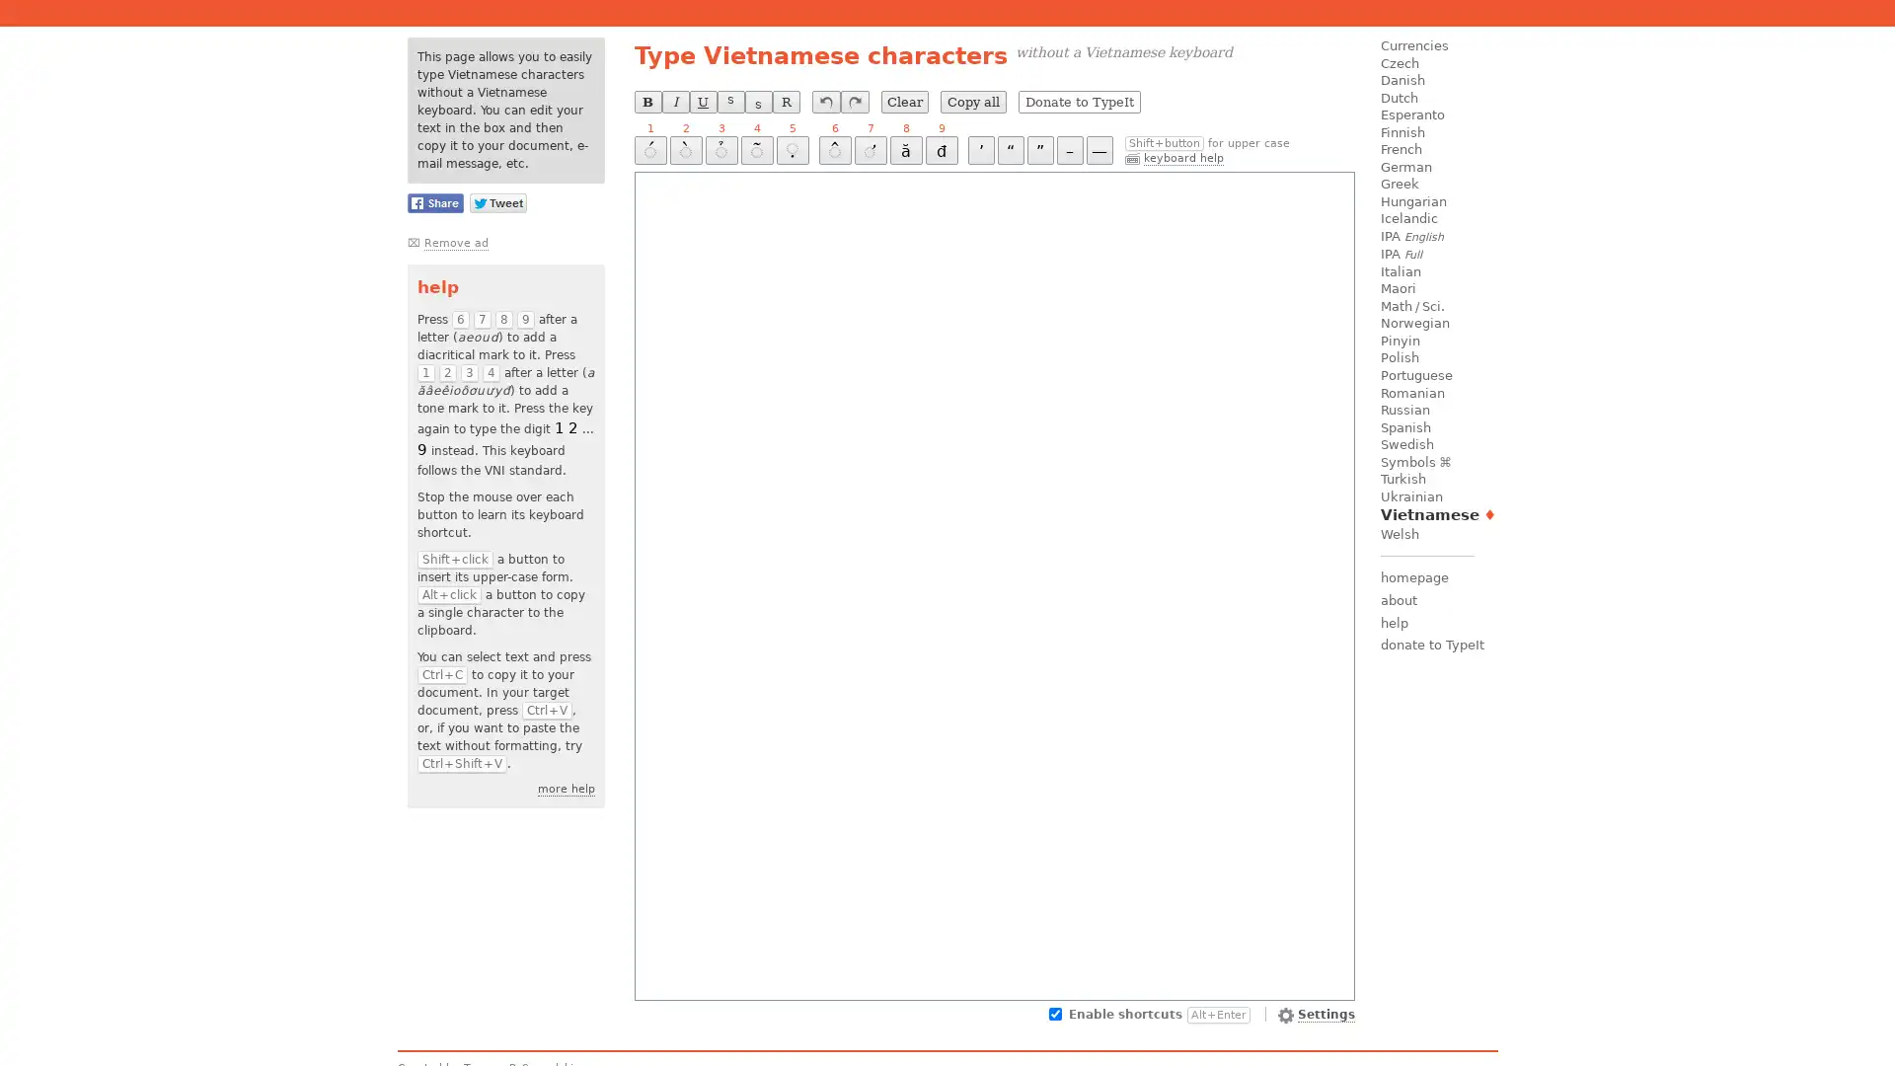 The width and height of the screenshot is (1895, 1066). What do you see at coordinates (904, 149) in the screenshot?
I see `a 8` at bounding box center [904, 149].